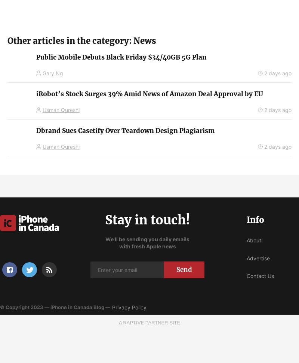 The width and height of the screenshot is (299, 363). I want to click on 'Info', so click(255, 220).